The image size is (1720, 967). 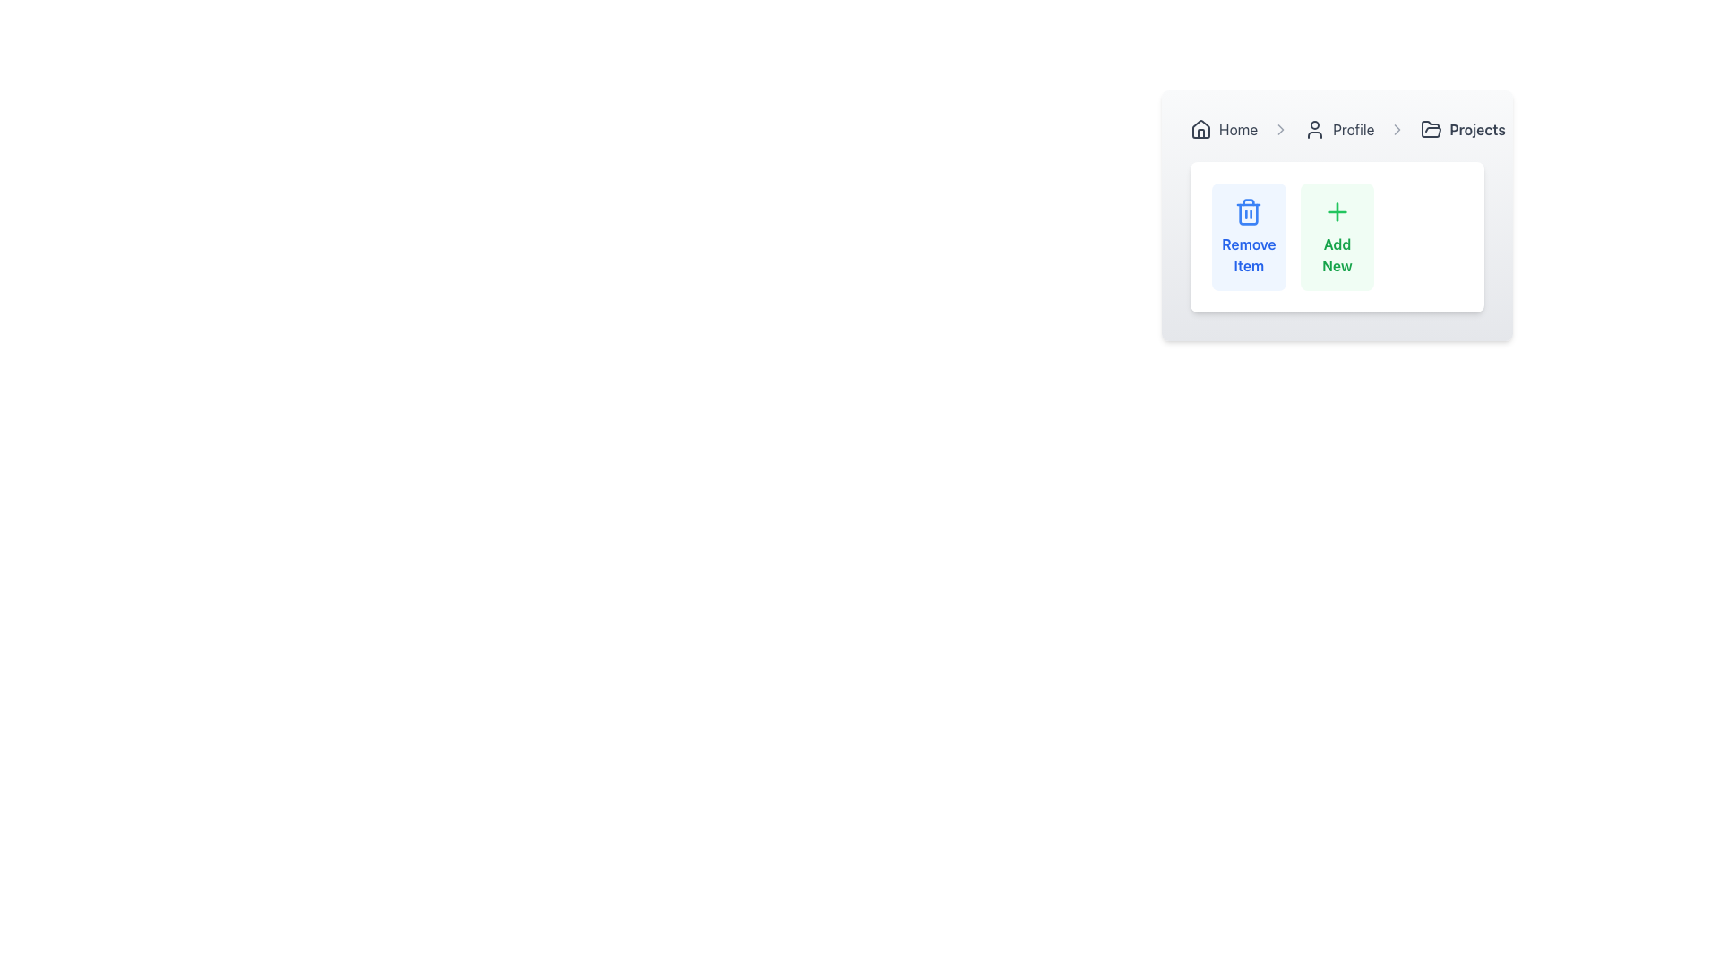 I want to click on the 'Projects' breadcrumb navigation link located at the top-right corner of the breadcrumb bar, so click(x=1463, y=129).